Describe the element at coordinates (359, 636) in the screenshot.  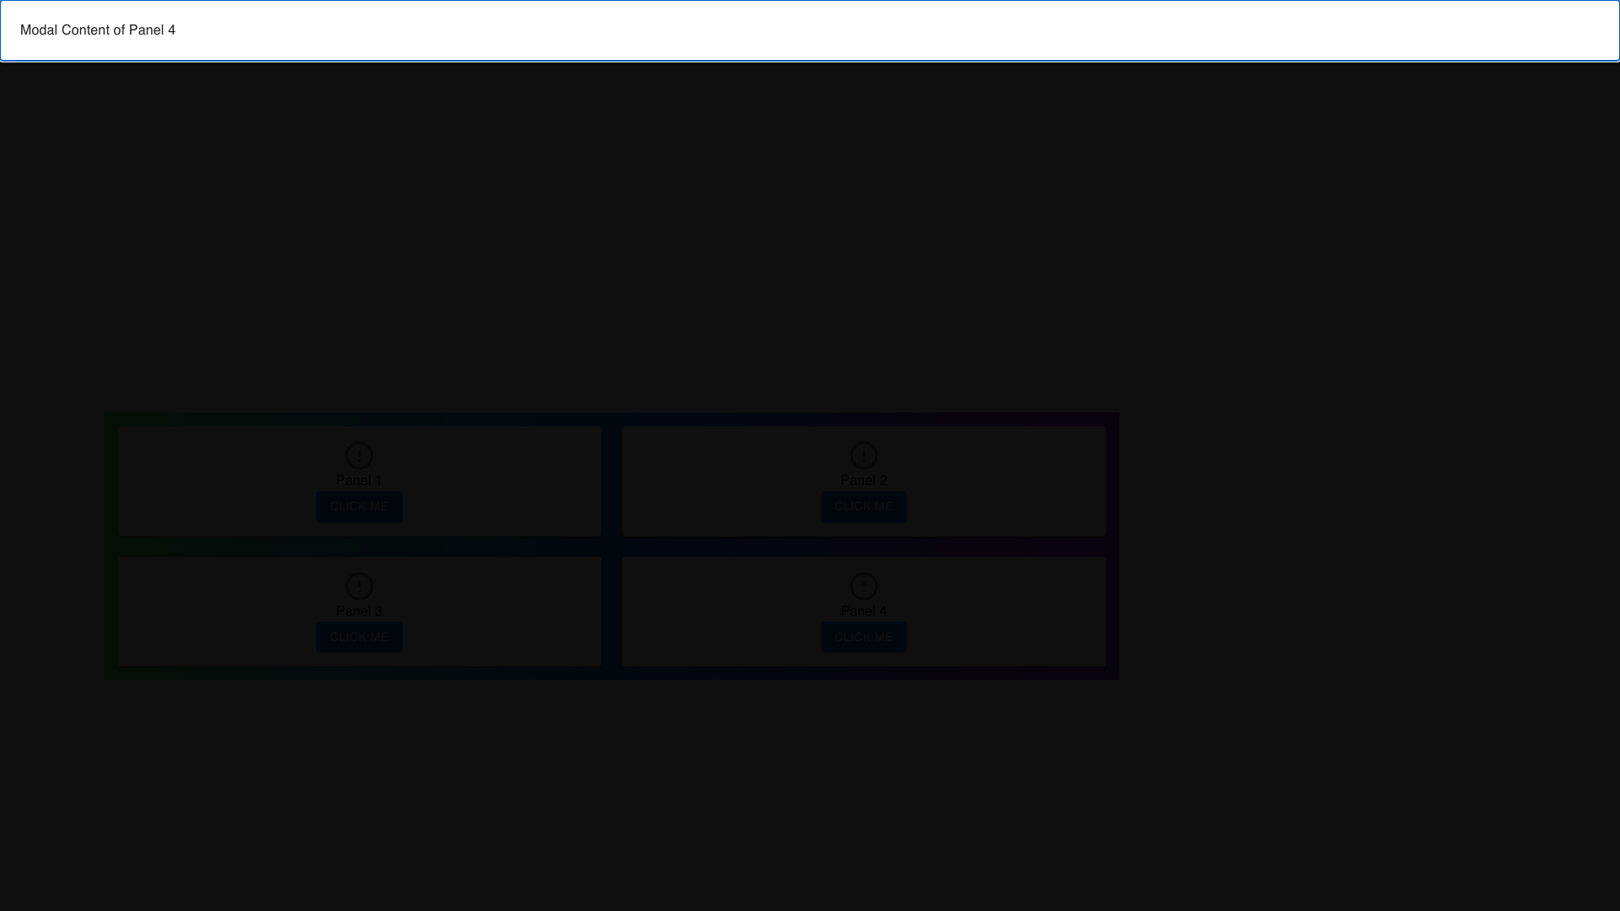
I see `the 'Click Me' button, which is a primary colored rectangular button located in 'Panel 3' at the coordinates provided` at that location.